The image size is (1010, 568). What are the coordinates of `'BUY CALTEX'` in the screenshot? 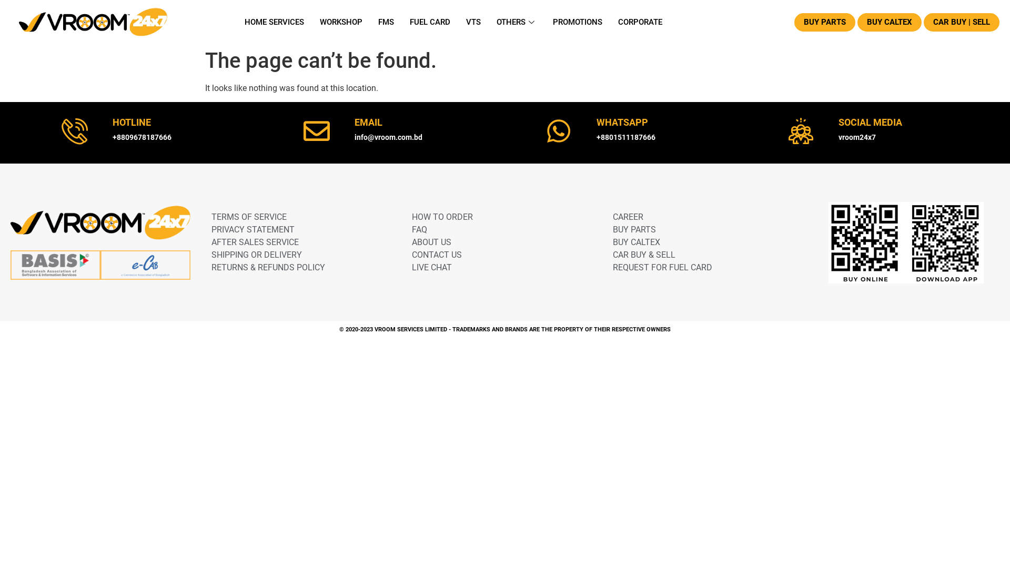 It's located at (888, 22).